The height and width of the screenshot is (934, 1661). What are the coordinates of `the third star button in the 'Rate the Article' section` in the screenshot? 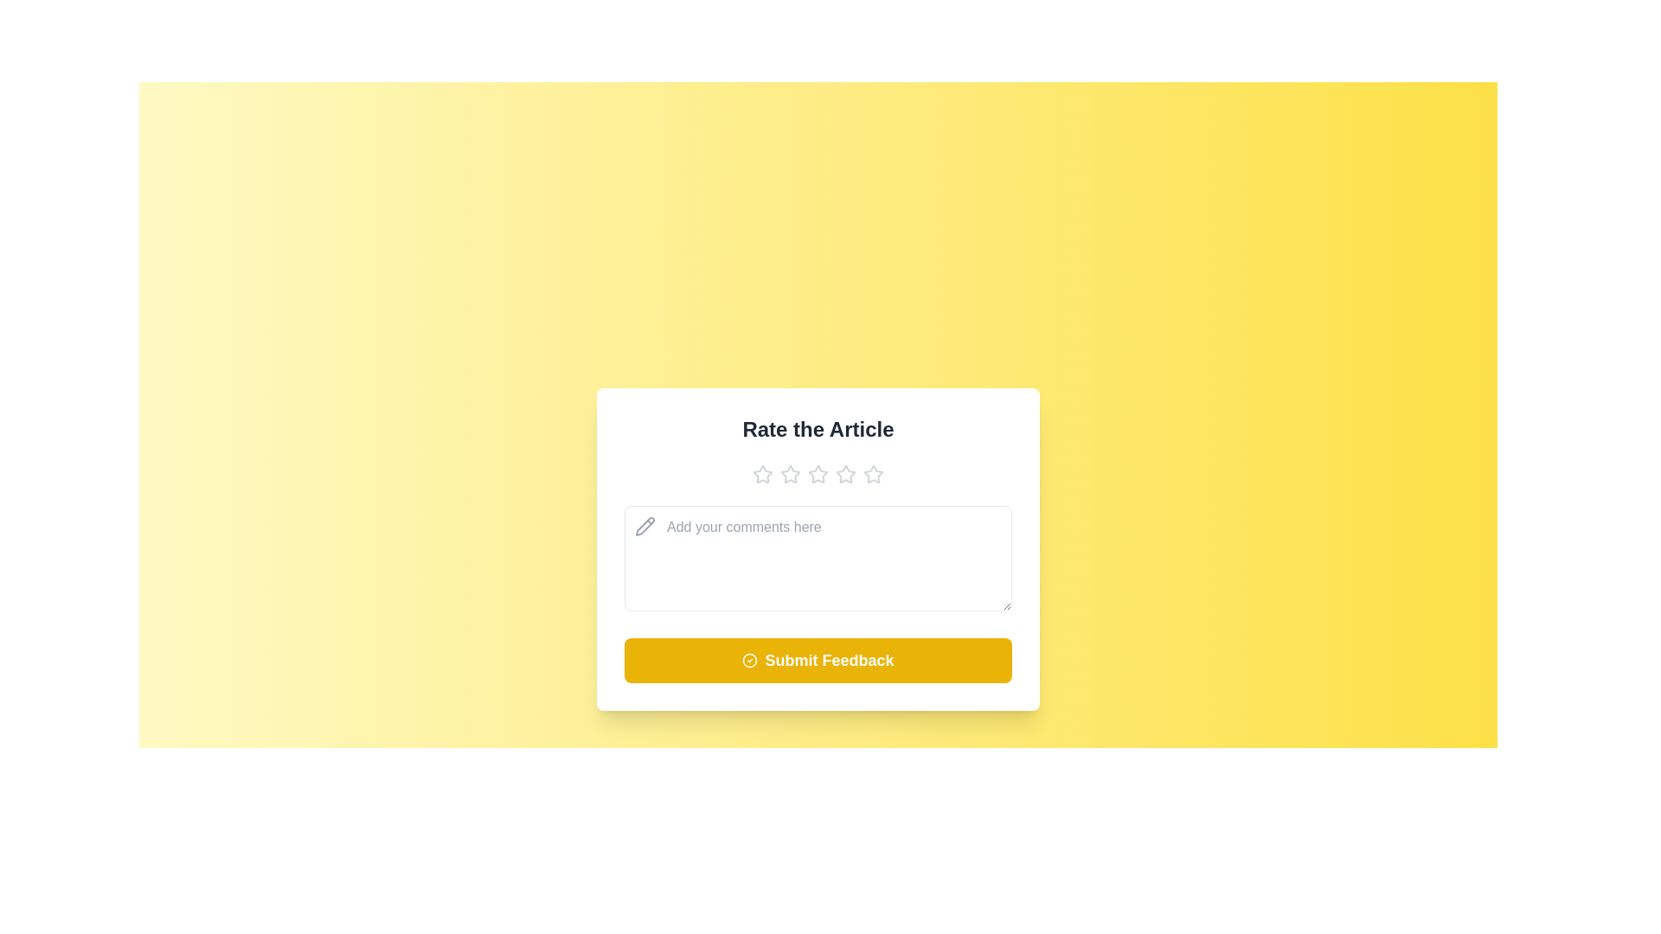 It's located at (817, 473).